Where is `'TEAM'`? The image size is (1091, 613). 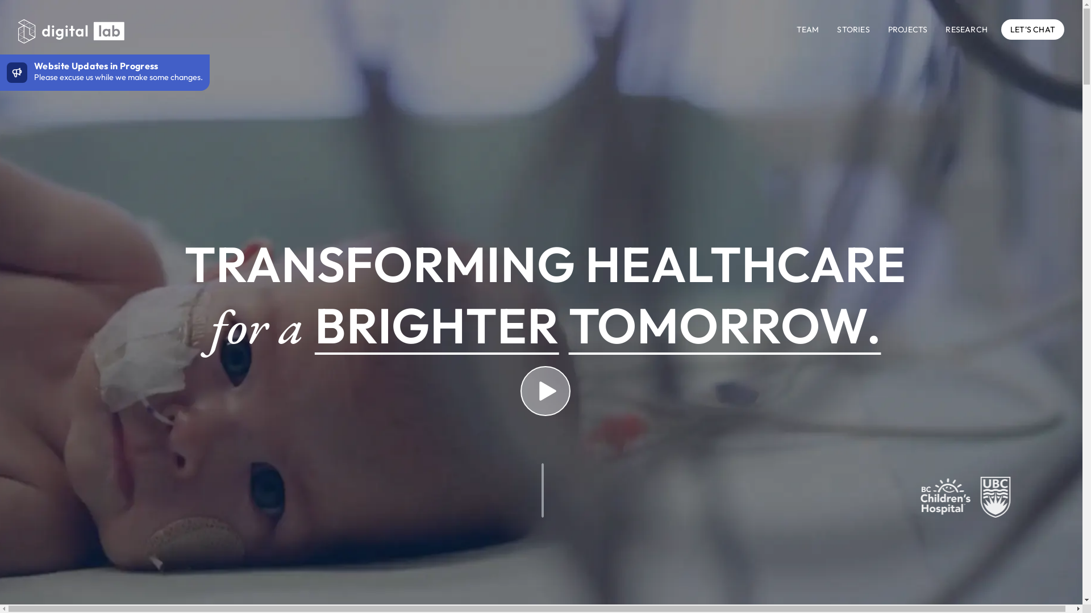
'TEAM' is located at coordinates (807, 28).